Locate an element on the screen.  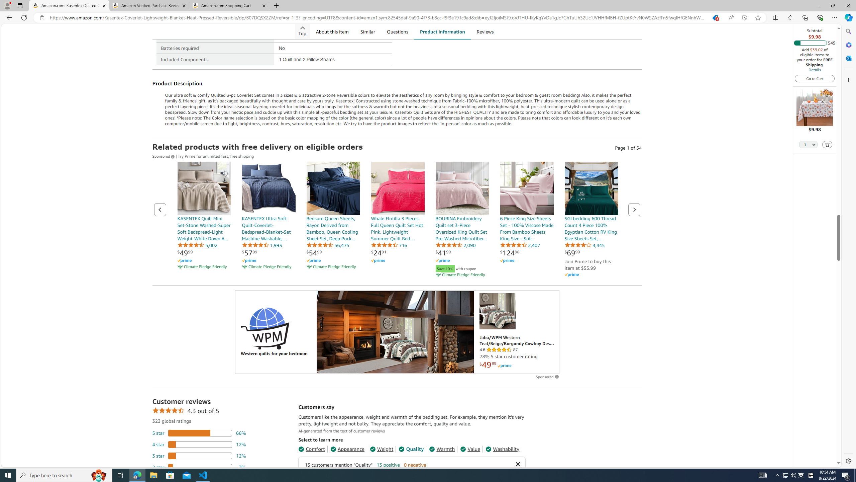
'Weight' is located at coordinates (382, 449).